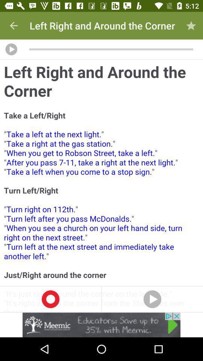 The width and height of the screenshot is (203, 361). What do you see at coordinates (152, 299) in the screenshot?
I see `the explore icon` at bounding box center [152, 299].